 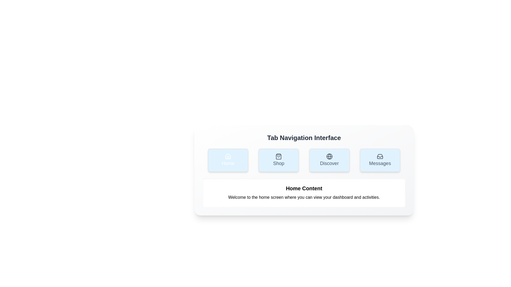 I want to click on the graphical decoration within the 'Messages' icon located at the rightmost position in the navigation bar, so click(x=380, y=157).